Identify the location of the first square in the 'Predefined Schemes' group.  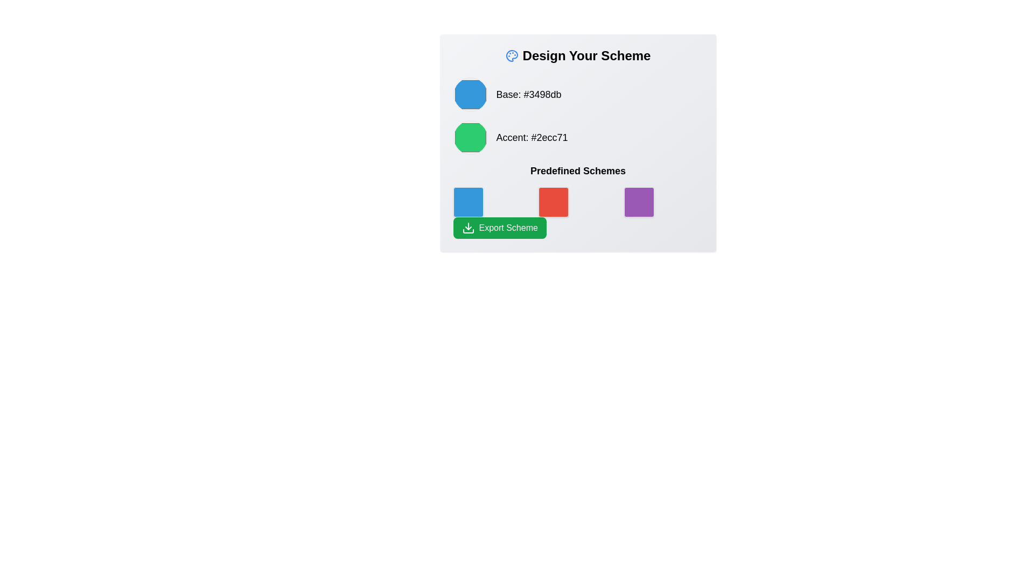
(468, 202).